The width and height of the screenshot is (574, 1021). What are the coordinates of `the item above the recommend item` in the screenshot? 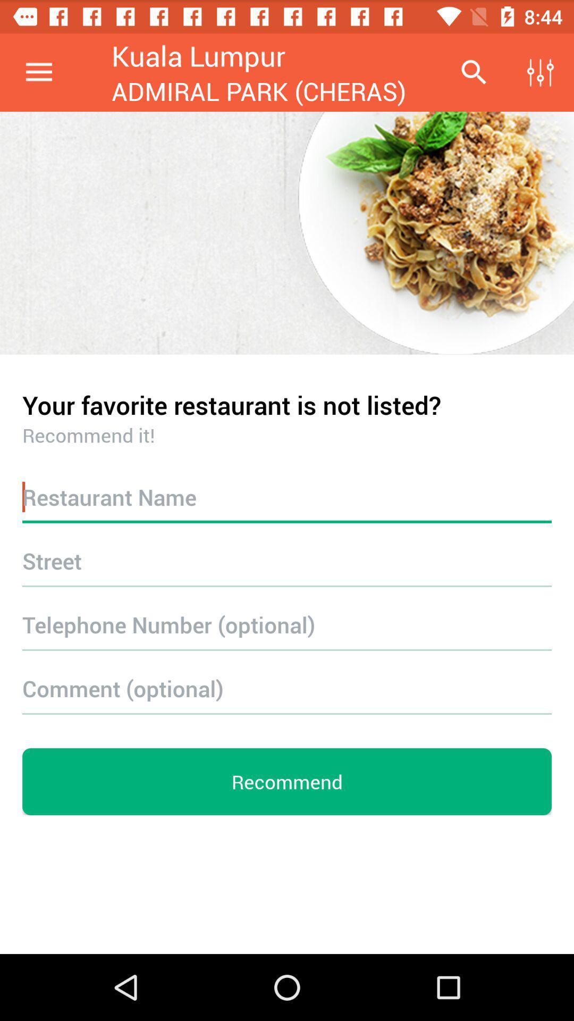 It's located at (287, 688).